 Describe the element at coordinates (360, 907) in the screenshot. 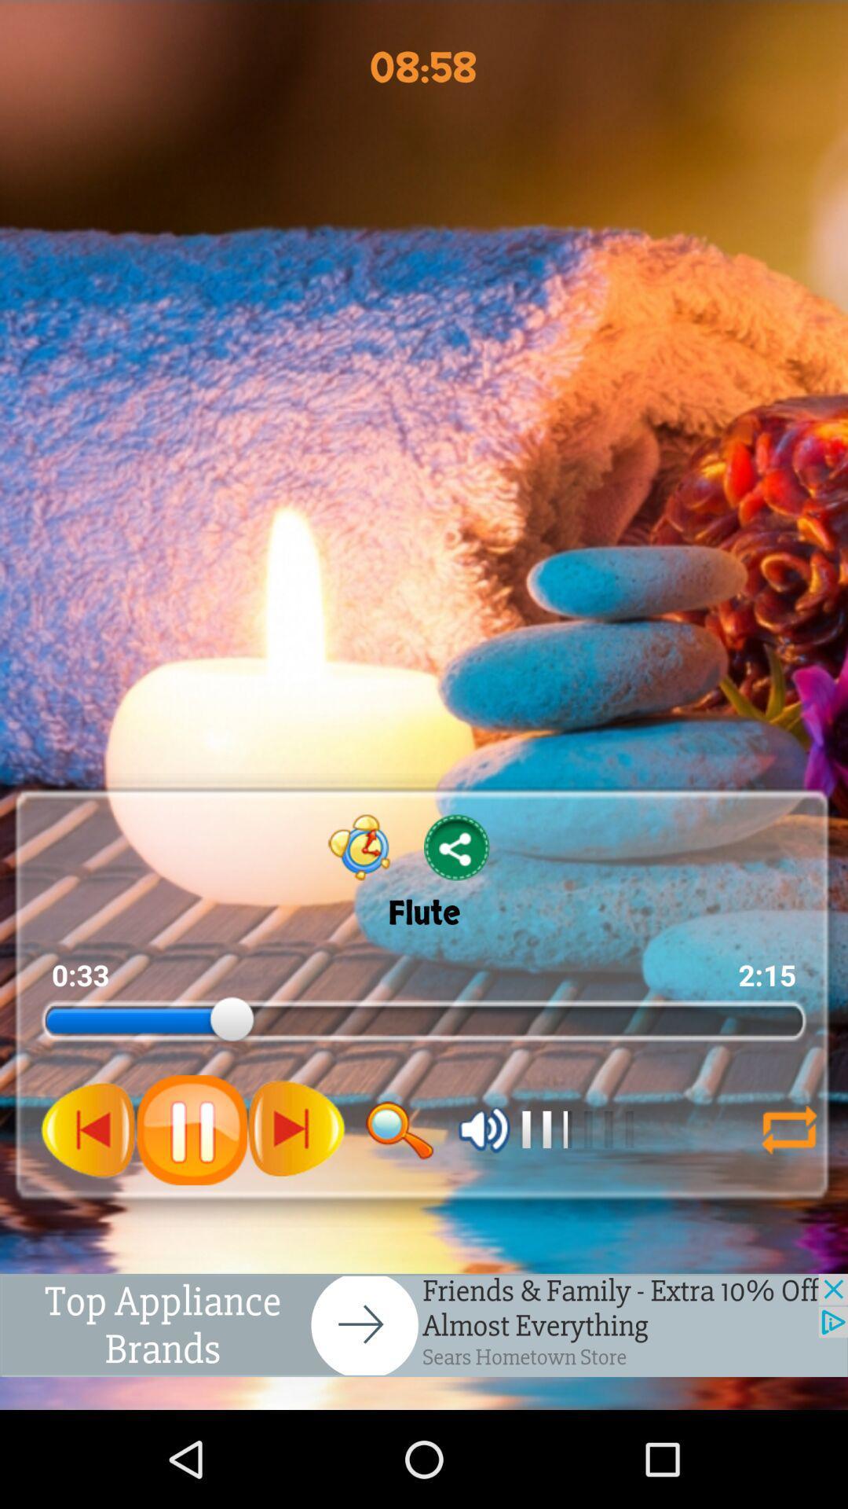

I see `the time icon` at that location.